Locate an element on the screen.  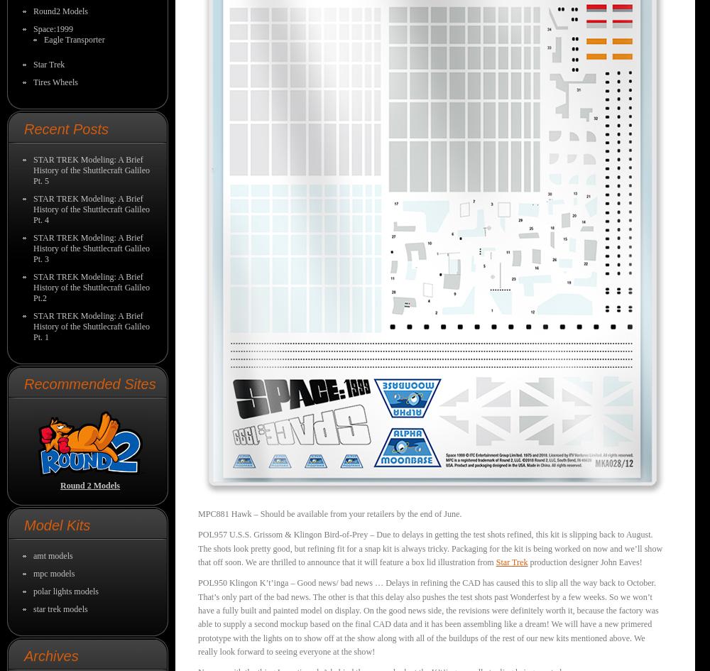
'Recent Posts' is located at coordinates (24, 129).